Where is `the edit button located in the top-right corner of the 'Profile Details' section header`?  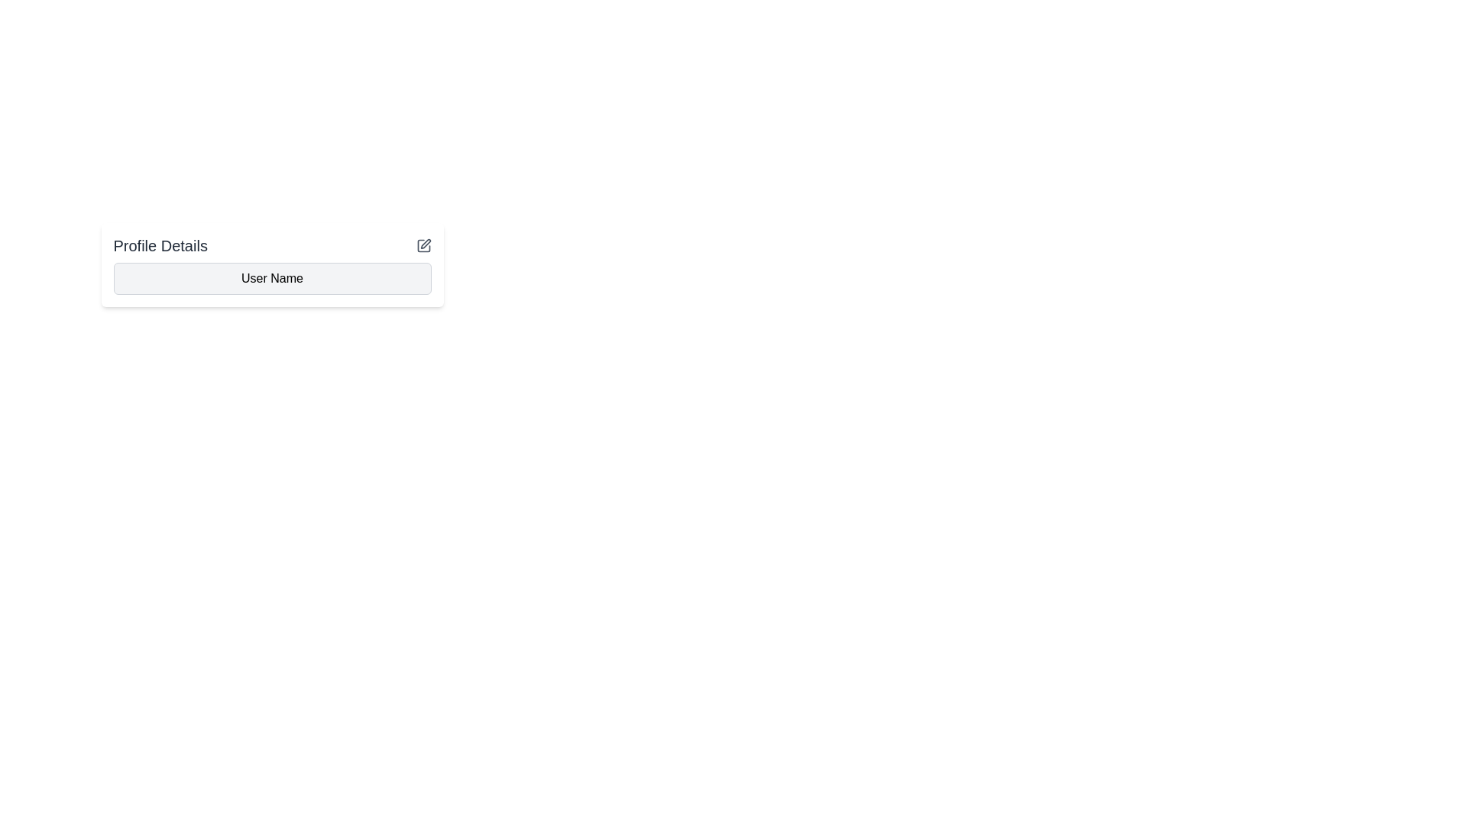 the edit button located in the top-right corner of the 'Profile Details' section header is located at coordinates (423, 244).